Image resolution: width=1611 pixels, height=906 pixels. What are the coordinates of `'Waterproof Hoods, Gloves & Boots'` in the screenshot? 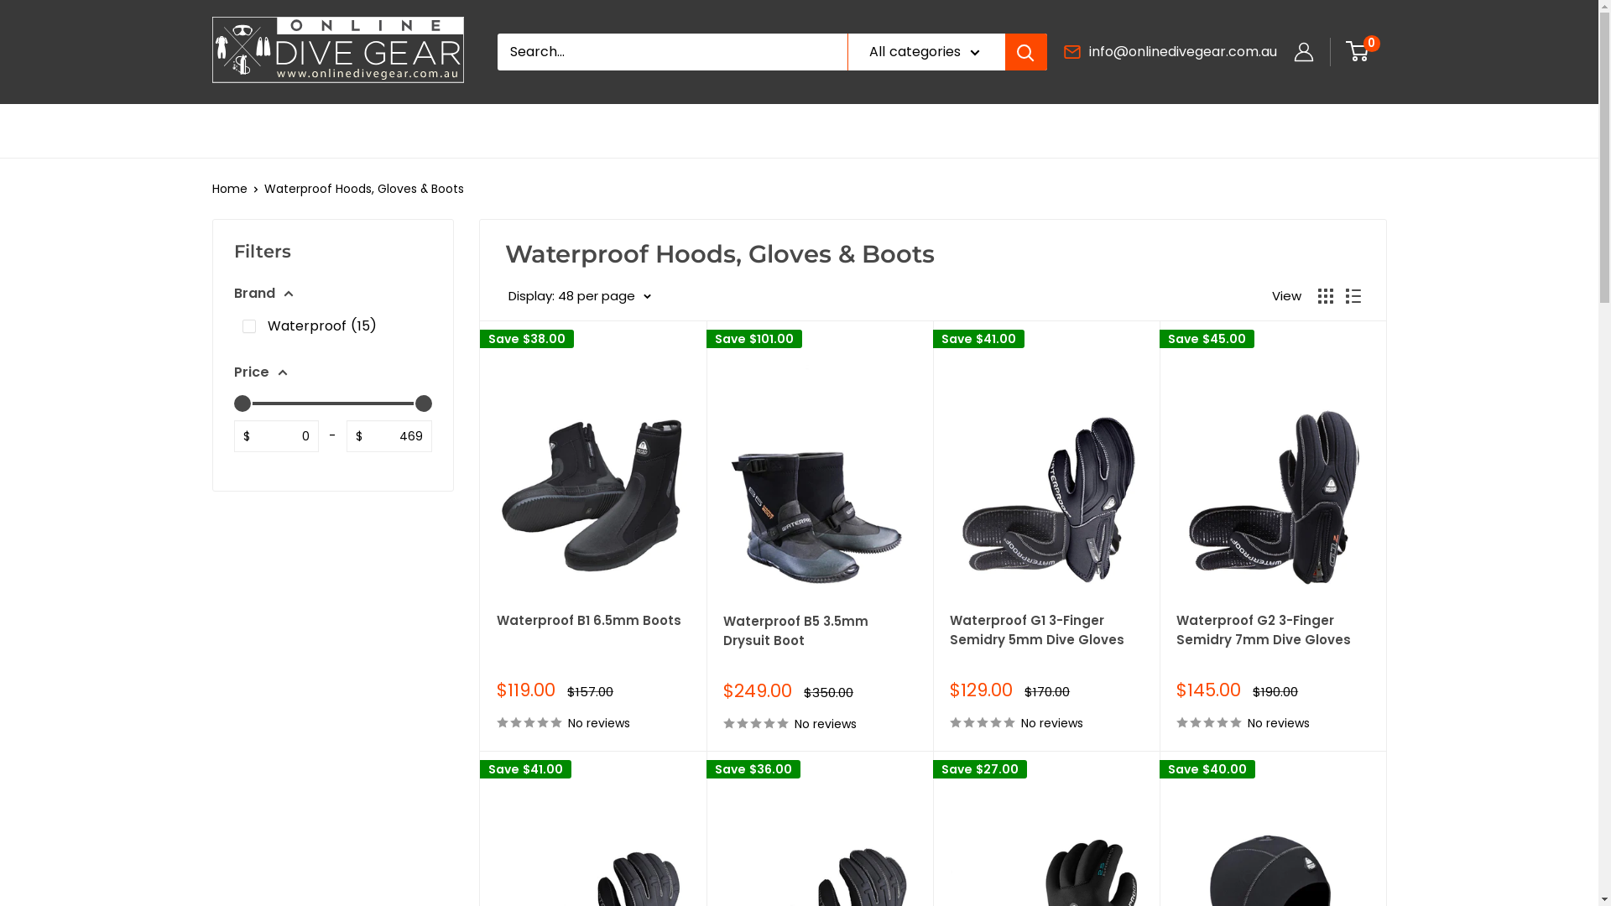 It's located at (362, 188).